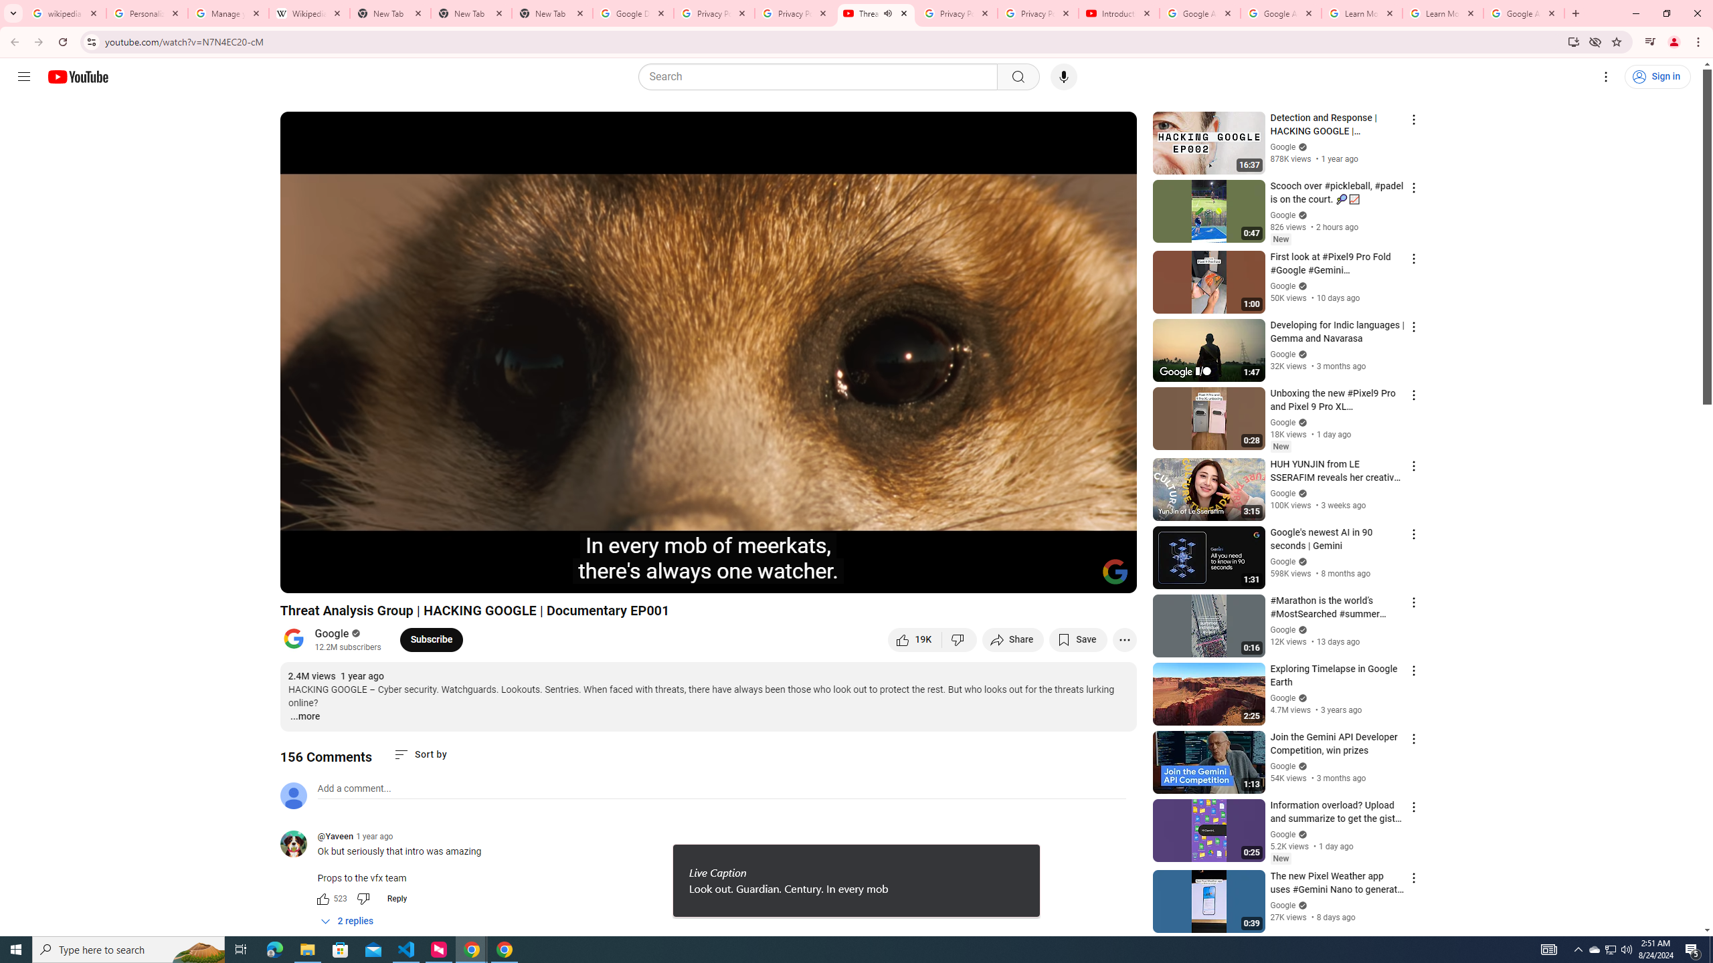  I want to click on 'More actions', so click(1123, 639).